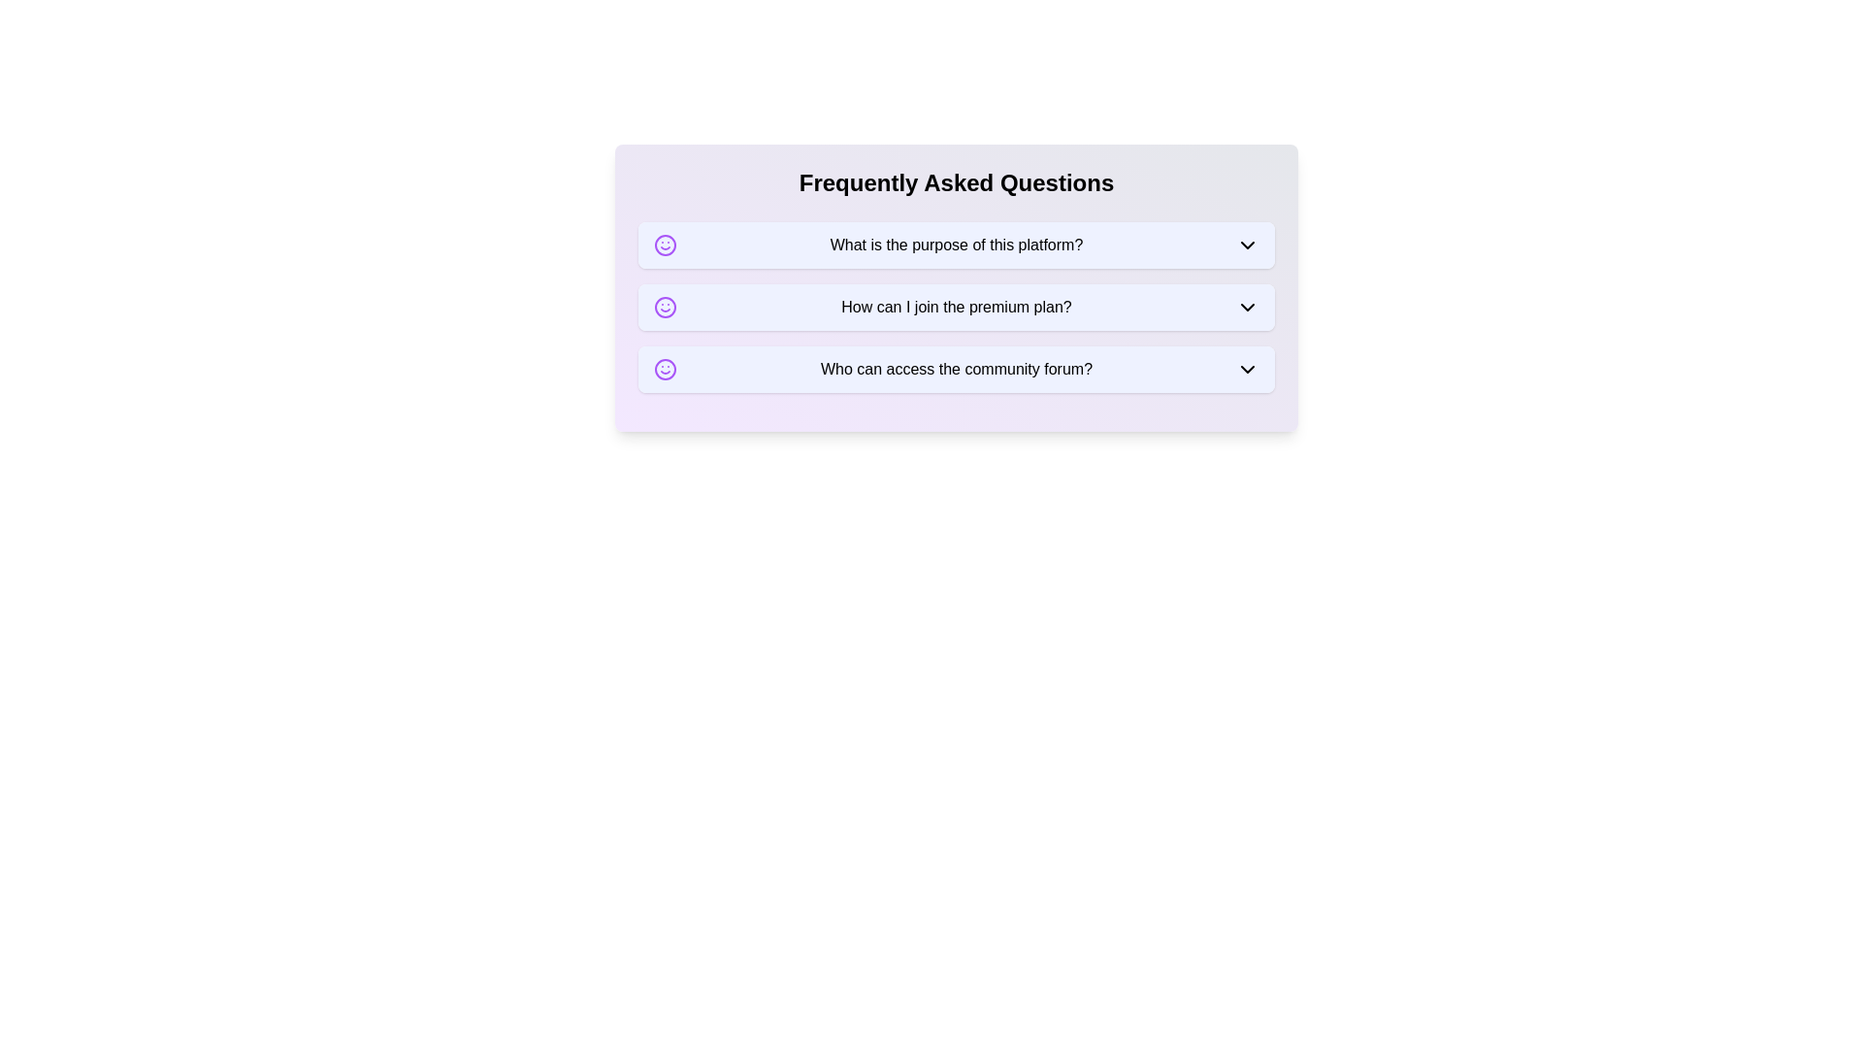  Describe the element at coordinates (666, 245) in the screenshot. I see `the purple smiley face icon within a circular boundary located in the first row of the Frequently Asked Questions section, preceding the text 'What is the purpose of this platform?'` at that location.